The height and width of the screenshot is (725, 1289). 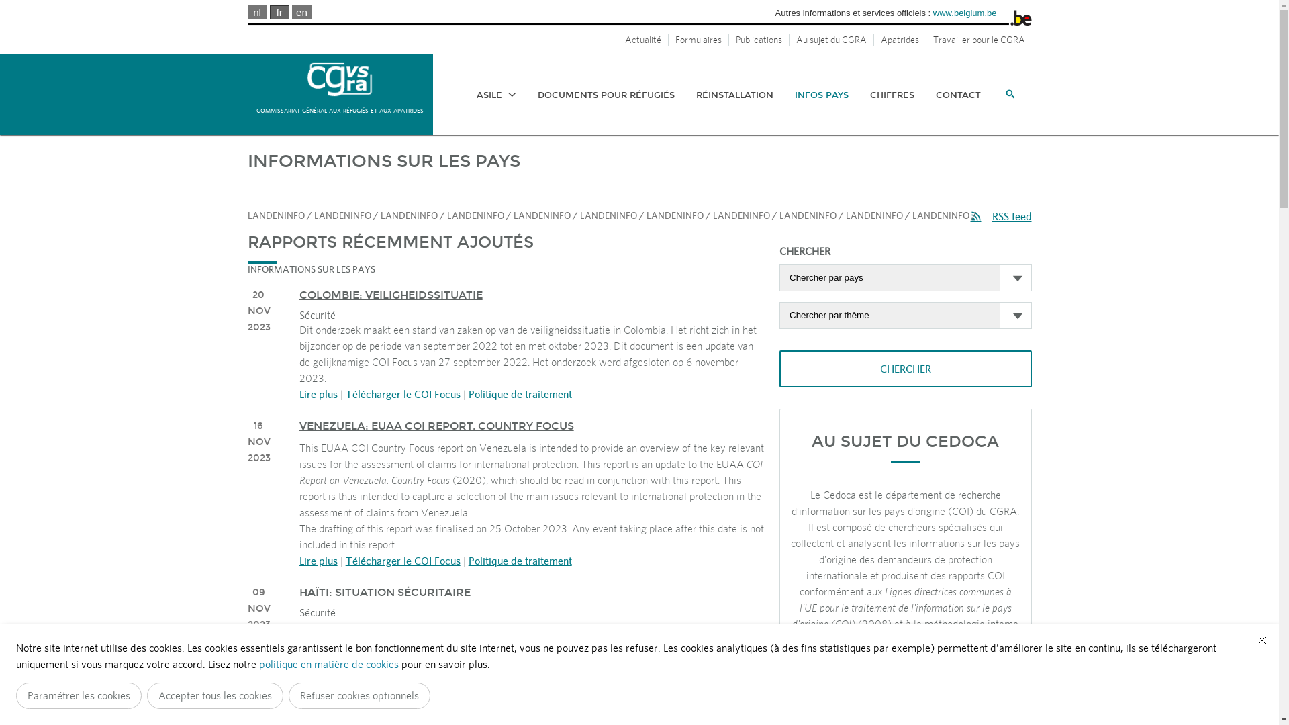 What do you see at coordinates (821, 94) in the screenshot?
I see `'INFOS PAYS'` at bounding box center [821, 94].